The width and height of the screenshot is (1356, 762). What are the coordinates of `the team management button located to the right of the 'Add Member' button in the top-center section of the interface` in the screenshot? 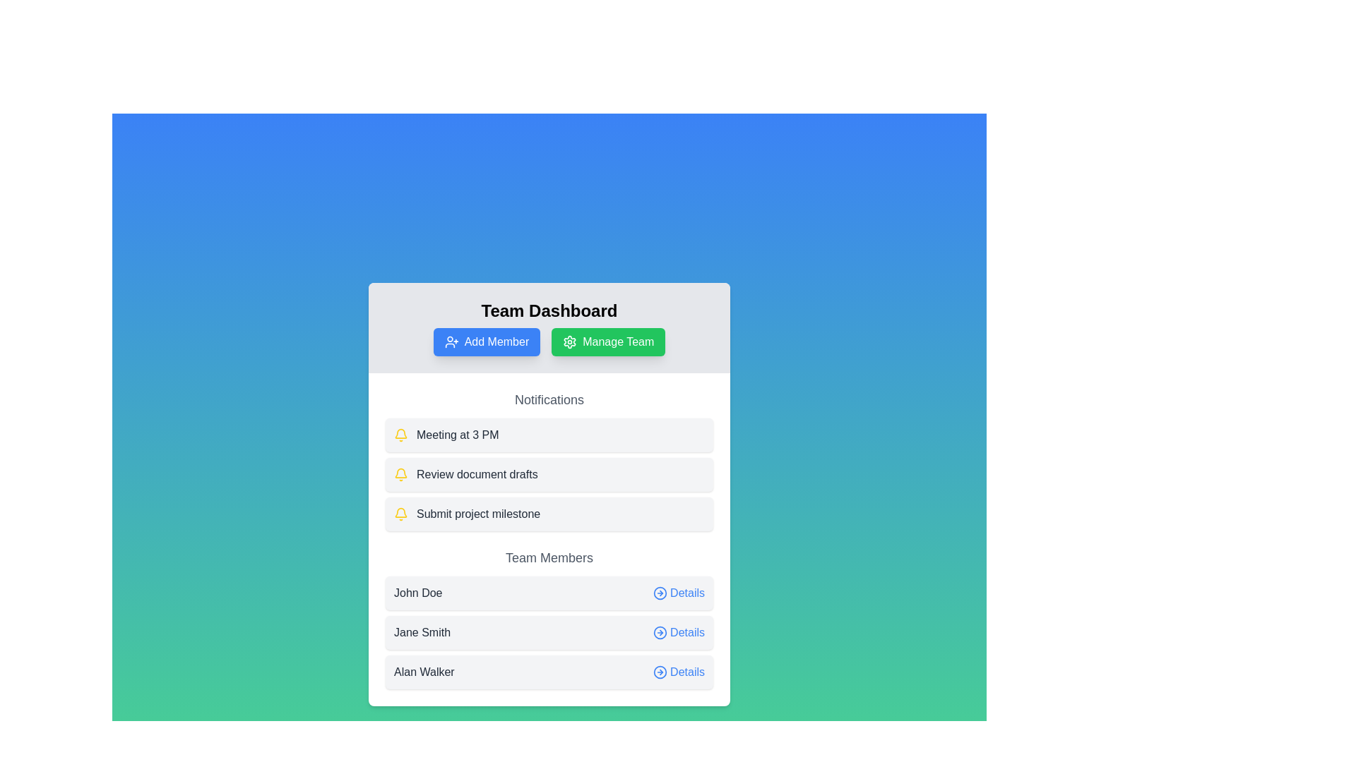 It's located at (608, 342).